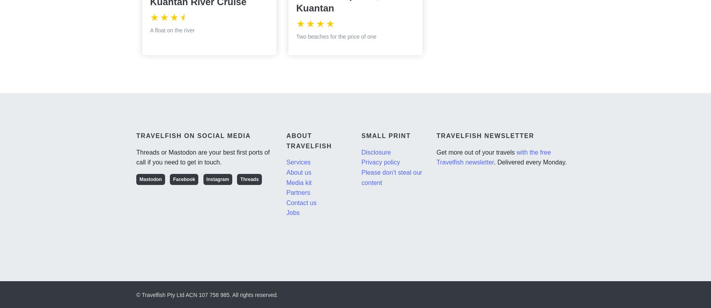 The height and width of the screenshot is (308, 711). What do you see at coordinates (295, 36) in the screenshot?
I see `'Two beaches for the price of one'` at bounding box center [295, 36].